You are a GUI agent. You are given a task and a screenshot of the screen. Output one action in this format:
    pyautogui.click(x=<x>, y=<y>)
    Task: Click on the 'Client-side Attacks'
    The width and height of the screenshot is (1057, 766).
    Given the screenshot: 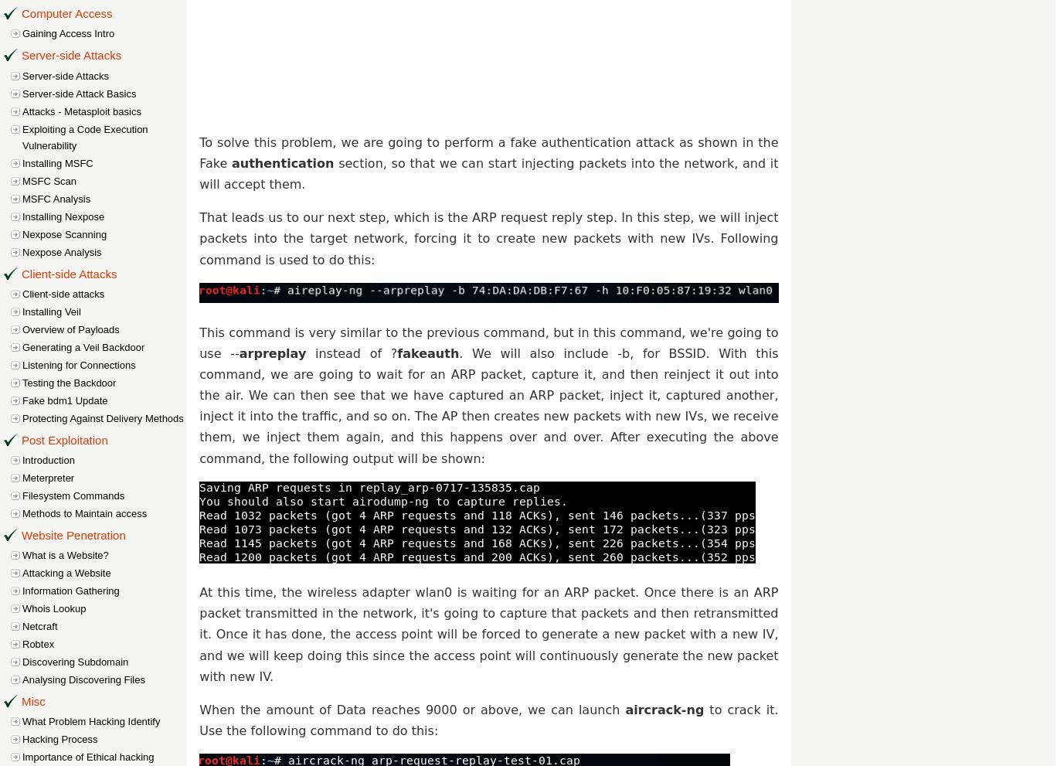 What is the action you would take?
    pyautogui.click(x=69, y=273)
    